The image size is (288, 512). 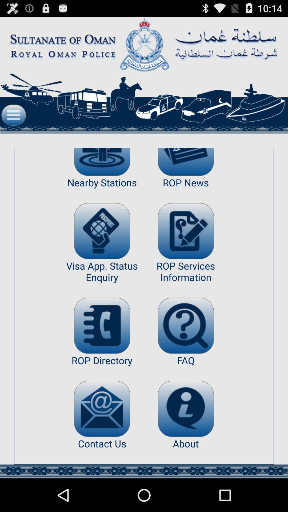 What do you see at coordinates (186, 409) in the screenshot?
I see `app above about app` at bounding box center [186, 409].